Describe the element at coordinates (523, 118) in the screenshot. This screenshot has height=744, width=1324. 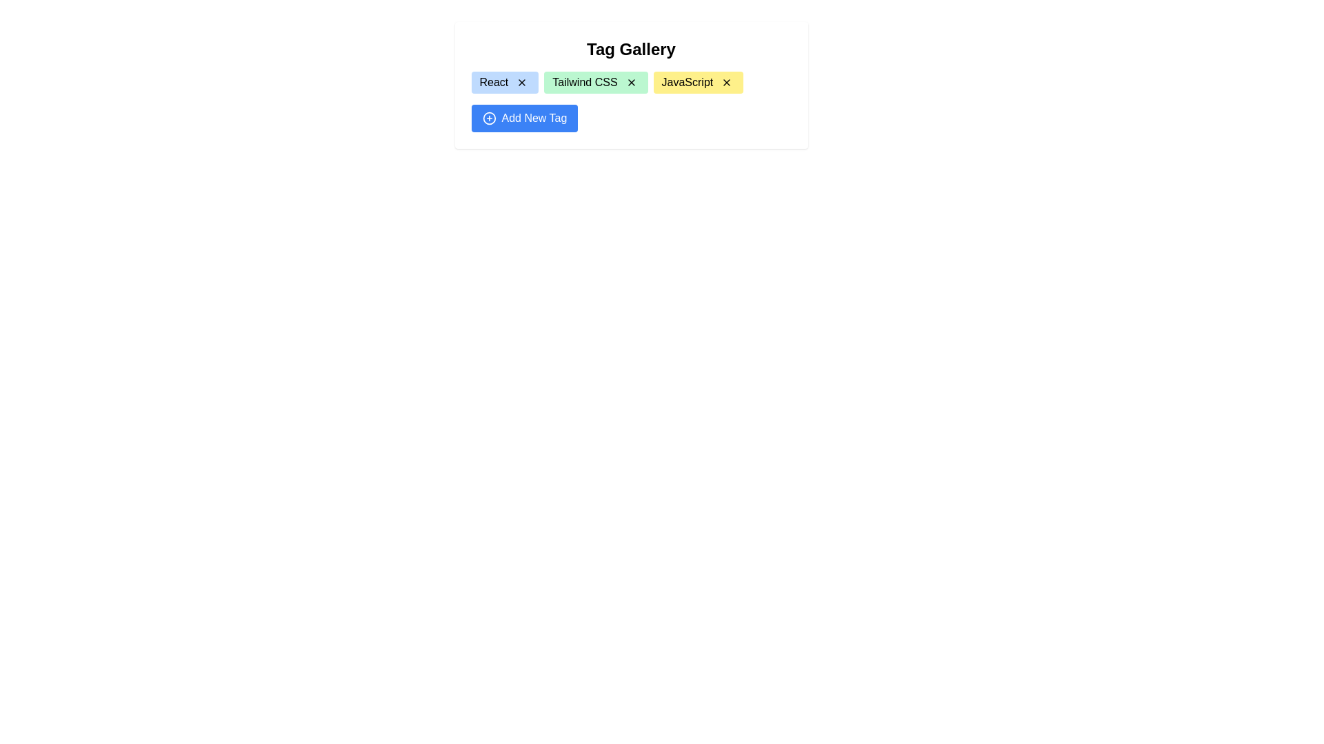
I see `the 'Add New Tag' button, which is styled with bold, white text on a blue background and is located at the bottom of the 'Tag Gallery' section` at that location.